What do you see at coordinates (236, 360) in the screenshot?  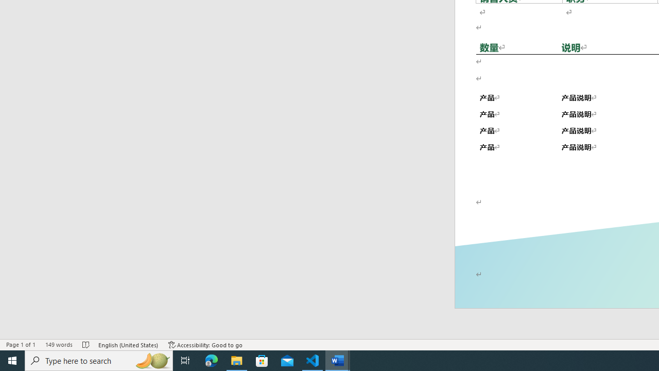 I see `'File Explorer - 1 running window'` at bounding box center [236, 360].